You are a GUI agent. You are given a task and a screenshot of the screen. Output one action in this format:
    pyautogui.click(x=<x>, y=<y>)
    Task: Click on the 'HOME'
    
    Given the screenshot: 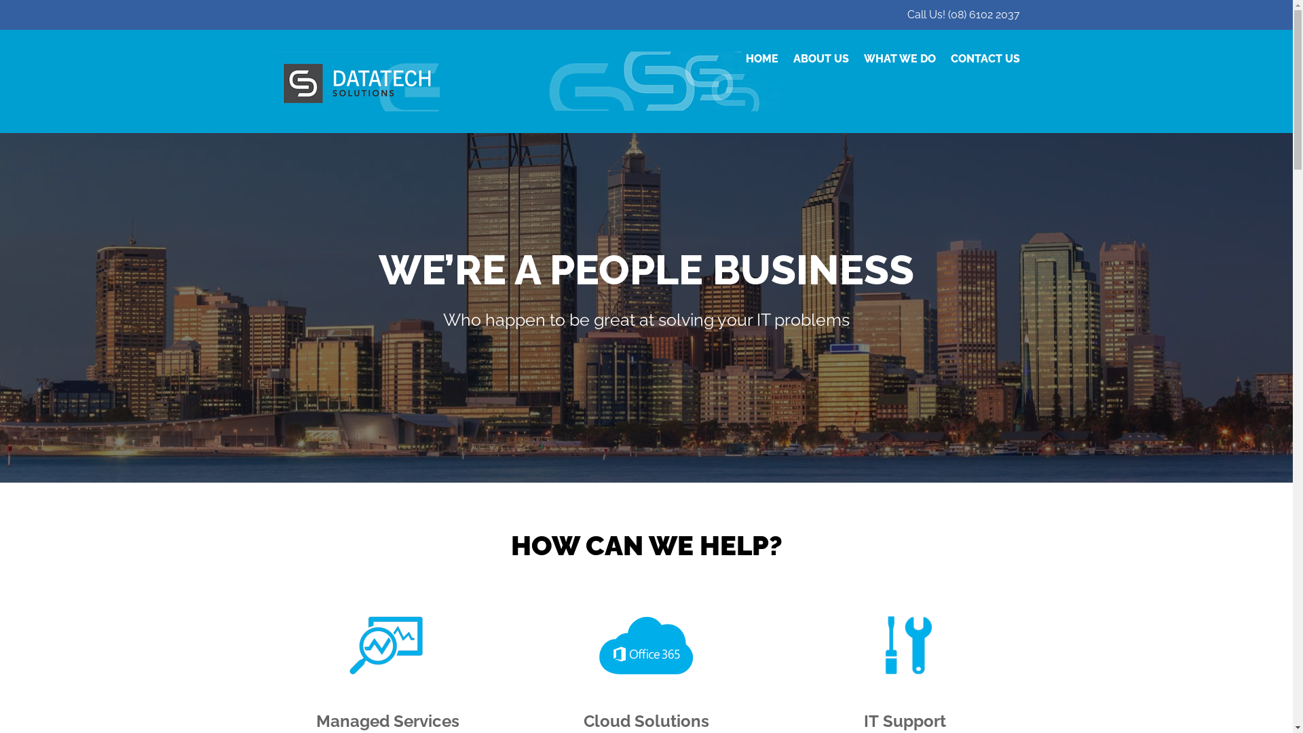 What is the action you would take?
    pyautogui.click(x=761, y=58)
    